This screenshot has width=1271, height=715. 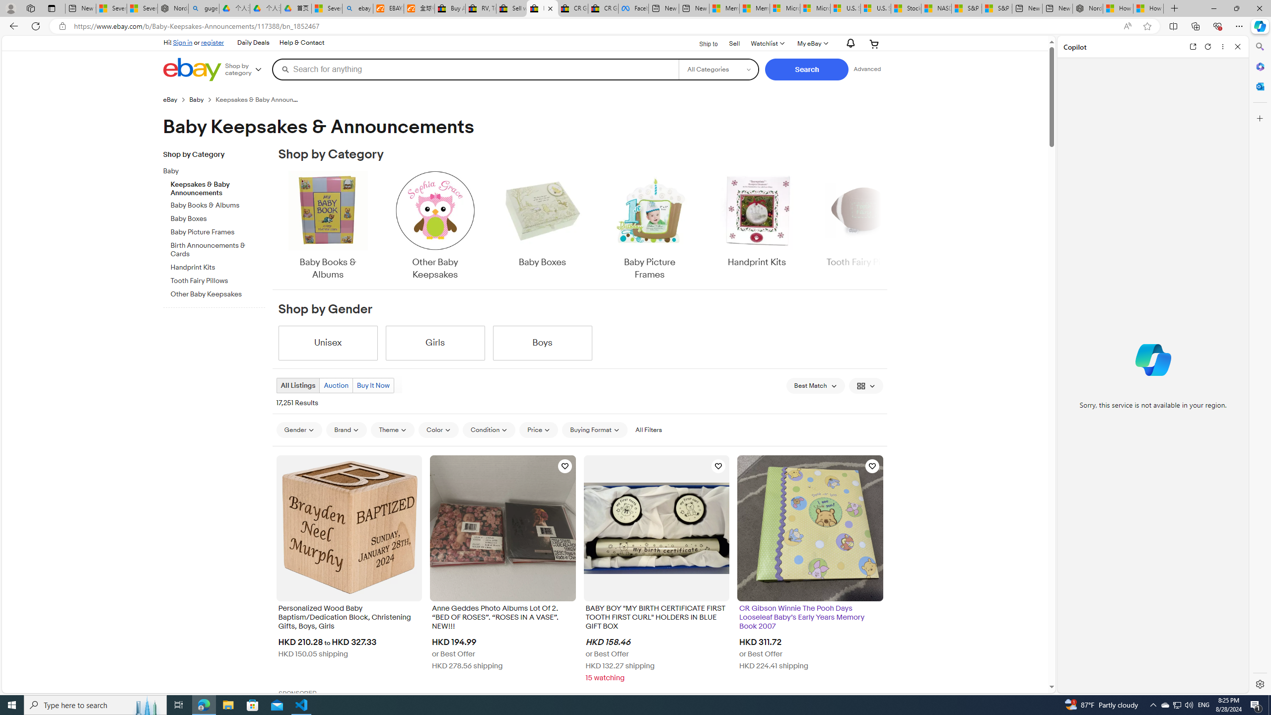 What do you see at coordinates (218, 247) in the screenshot?
I see `'Birth Announcements & Cards'` at bounding box center [218, 247].